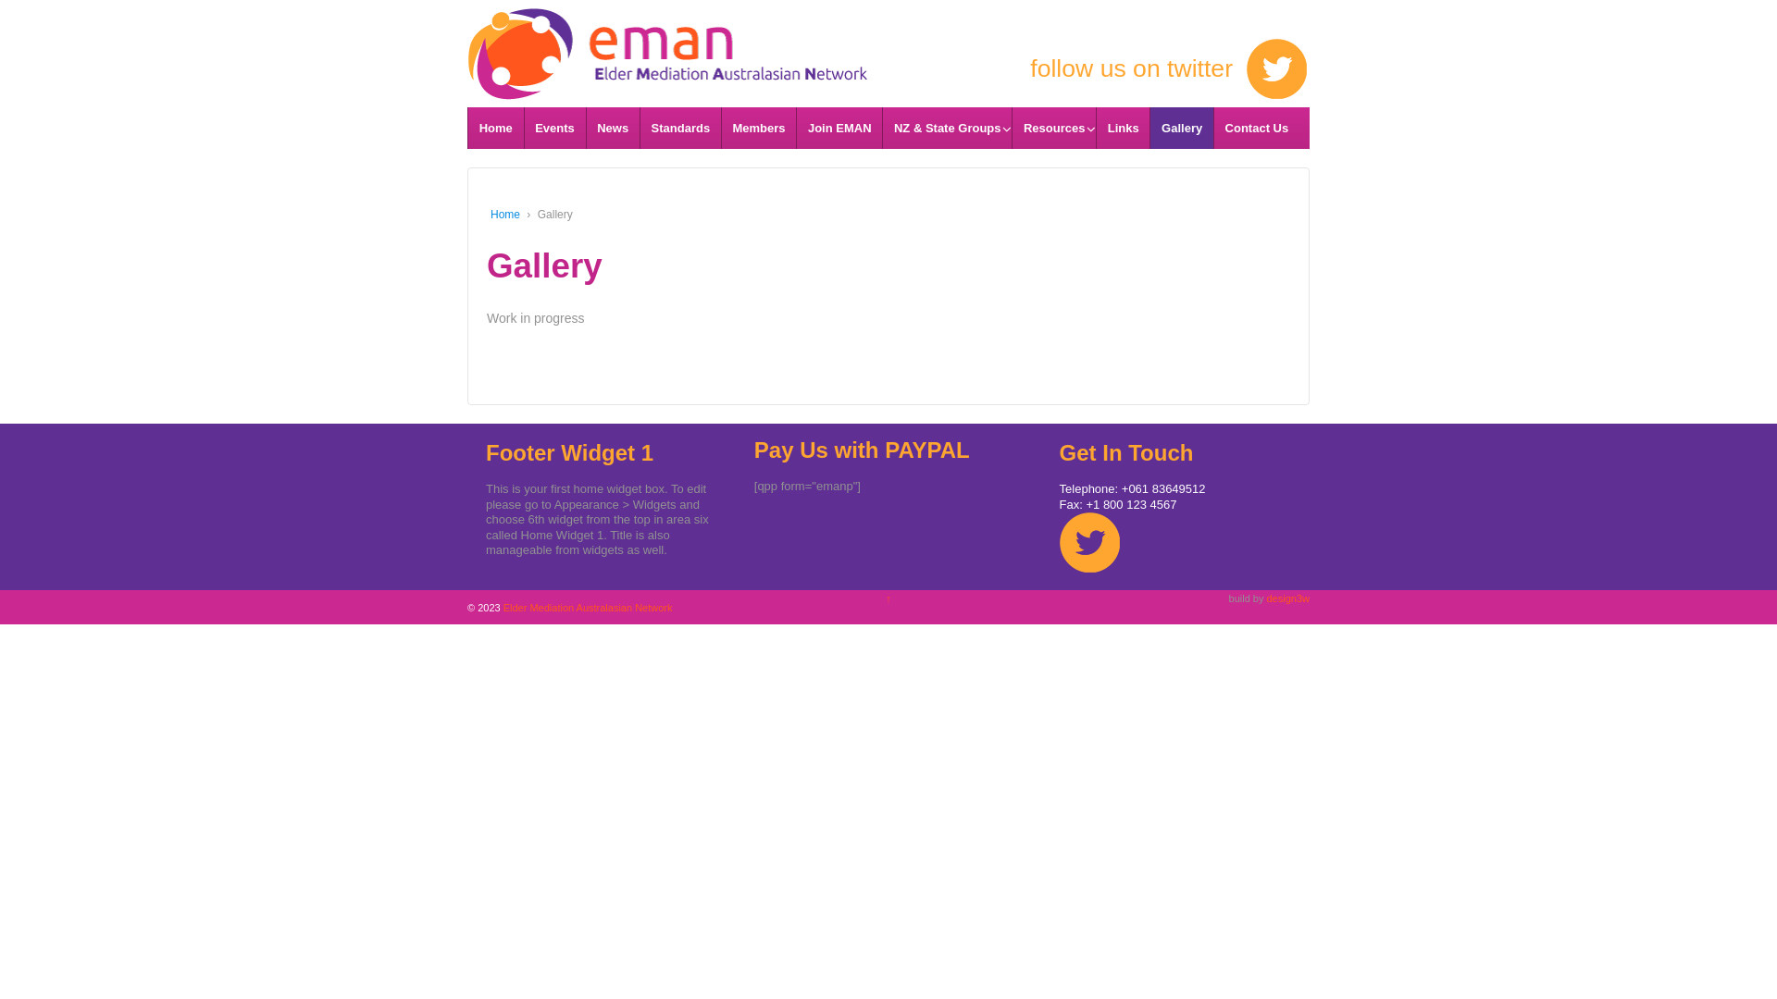 Image resolution: width=1777 pixels, height=999 pixels. I want to click on 'Elder Mediation Australasian Network', so click(666, 39).